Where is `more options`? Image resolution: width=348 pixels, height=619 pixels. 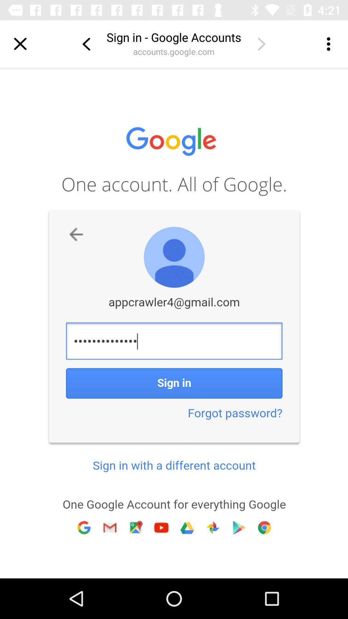
more options is located at coordinates (328, 44).